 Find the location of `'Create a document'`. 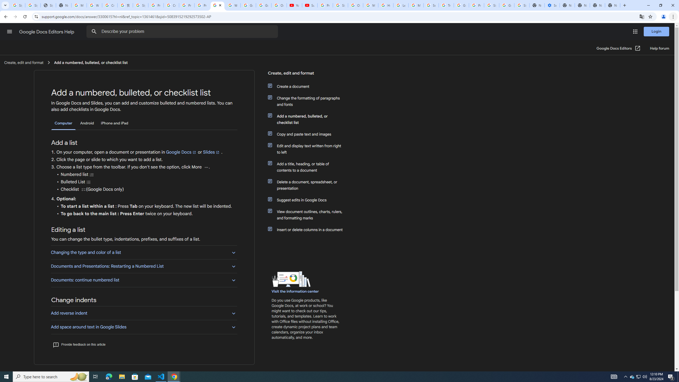

'Create a document' is located at coordinates (308, 86).